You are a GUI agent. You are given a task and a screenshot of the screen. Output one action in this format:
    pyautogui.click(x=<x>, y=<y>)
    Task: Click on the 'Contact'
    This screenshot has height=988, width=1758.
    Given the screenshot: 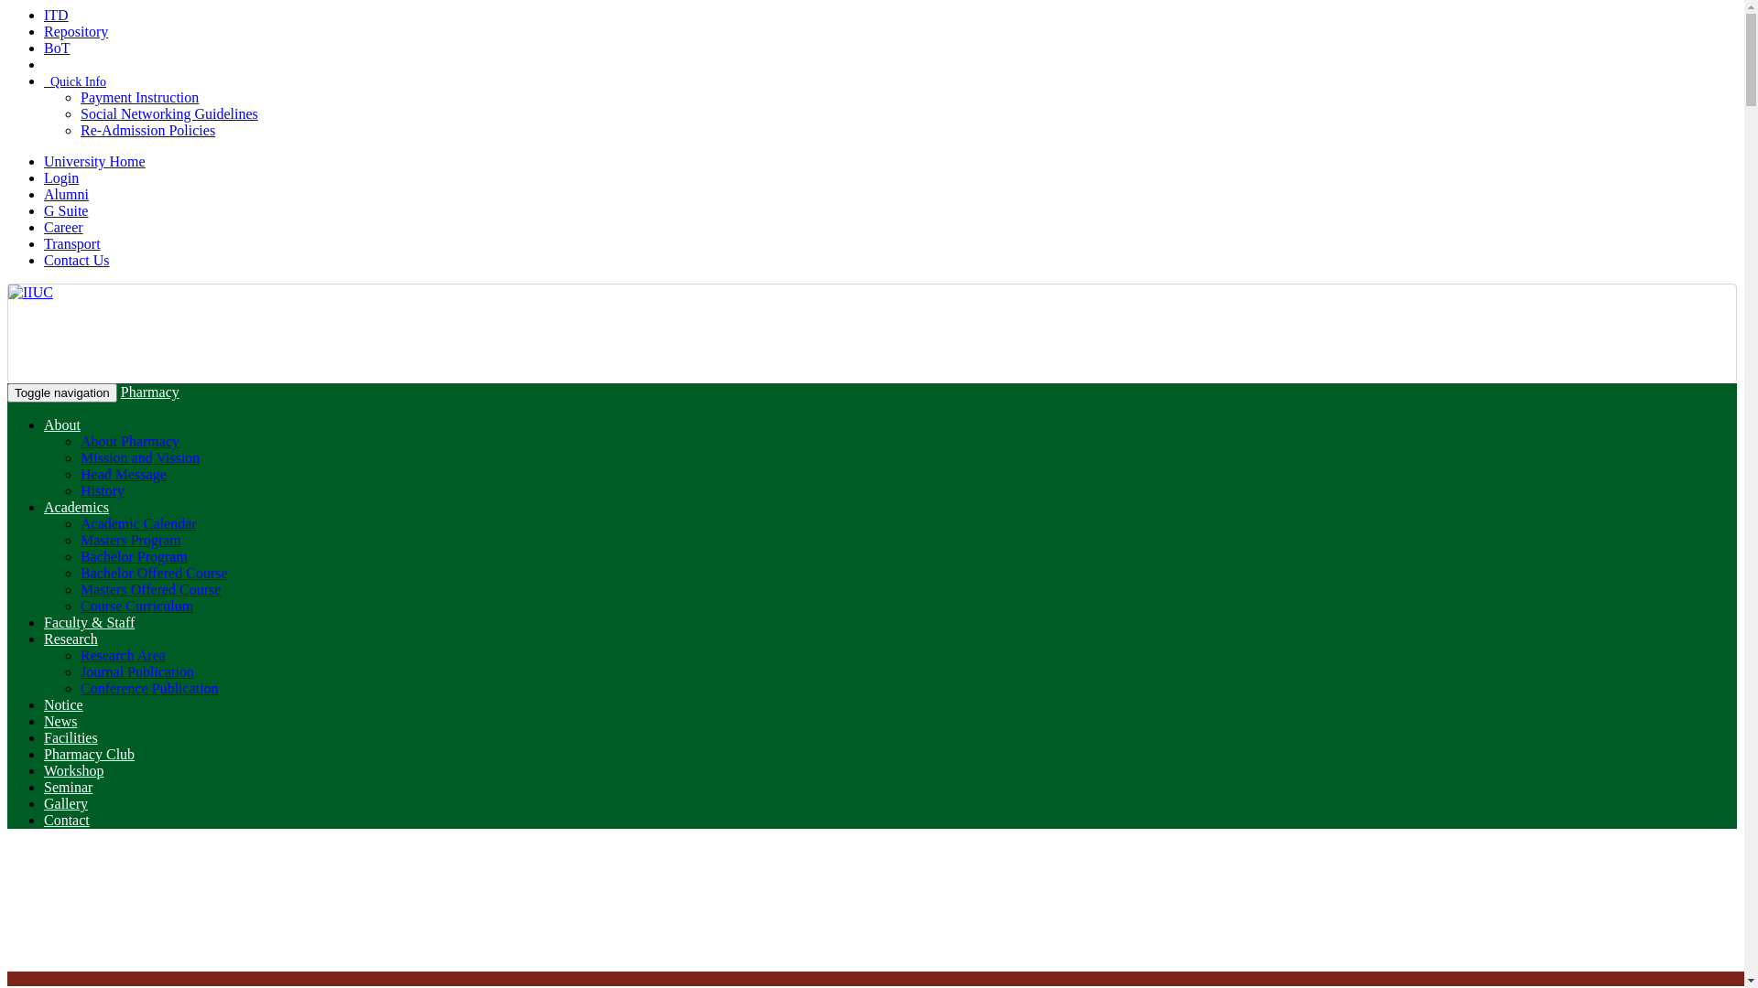 What is the action you would take?
    pyautogui.click(x=66, y=819)
    